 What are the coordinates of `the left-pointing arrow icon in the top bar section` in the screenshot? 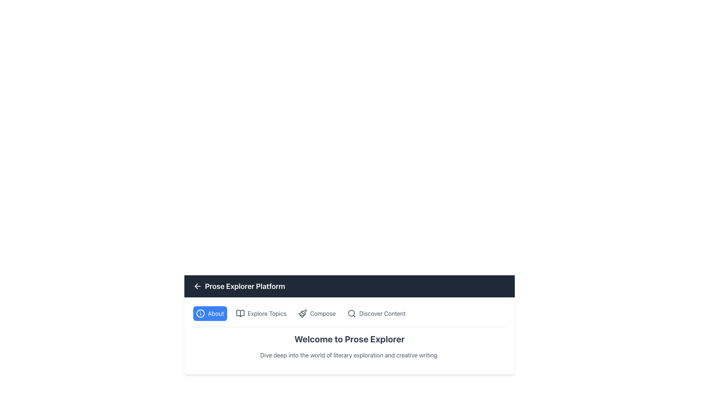 It's located at (198, 286).